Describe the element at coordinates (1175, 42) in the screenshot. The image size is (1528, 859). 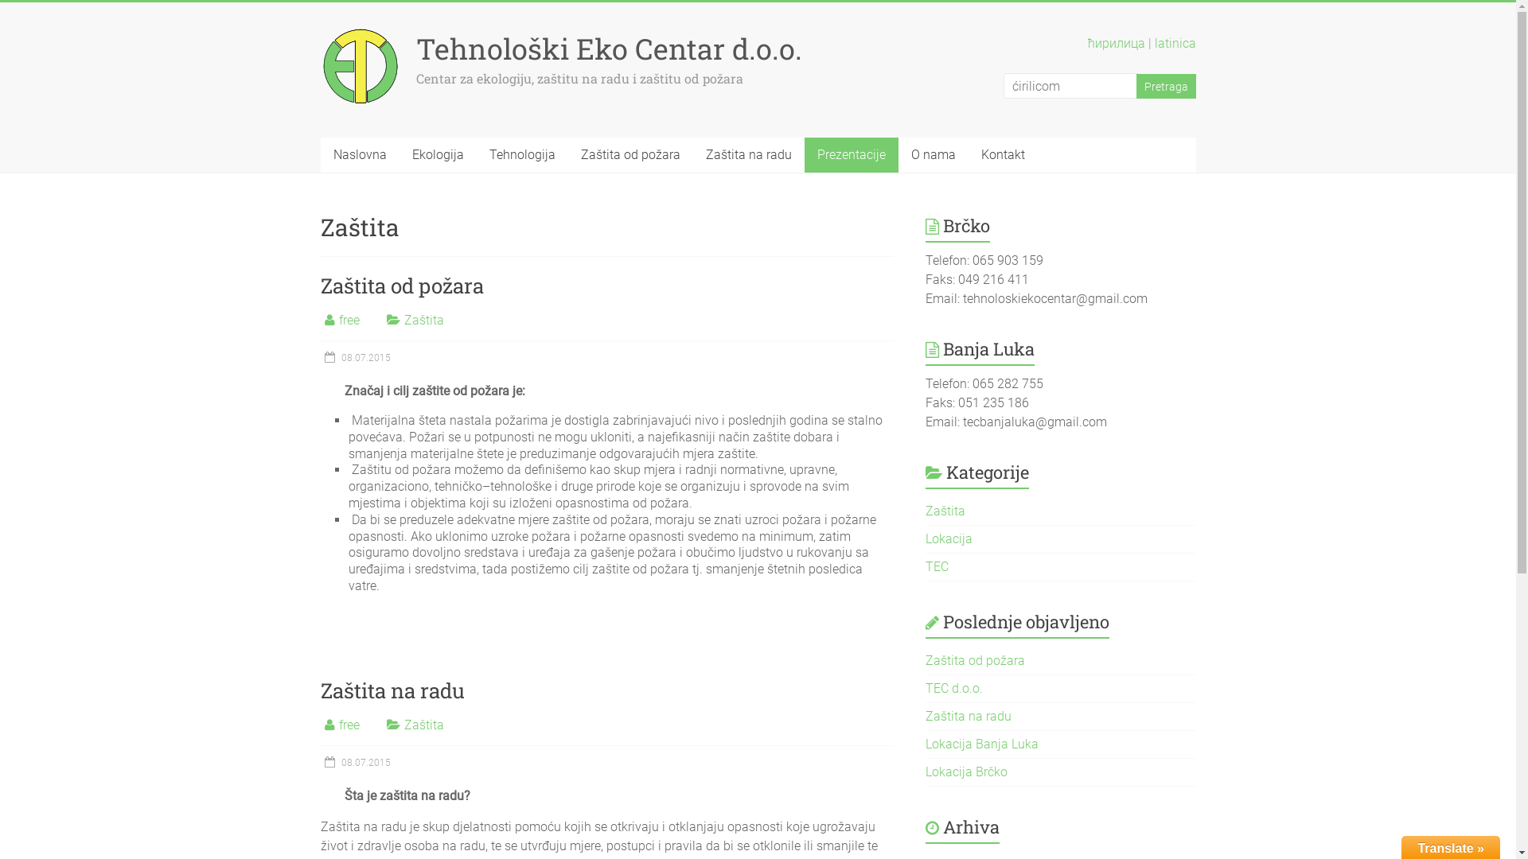
I see `'latinica'` at that location.